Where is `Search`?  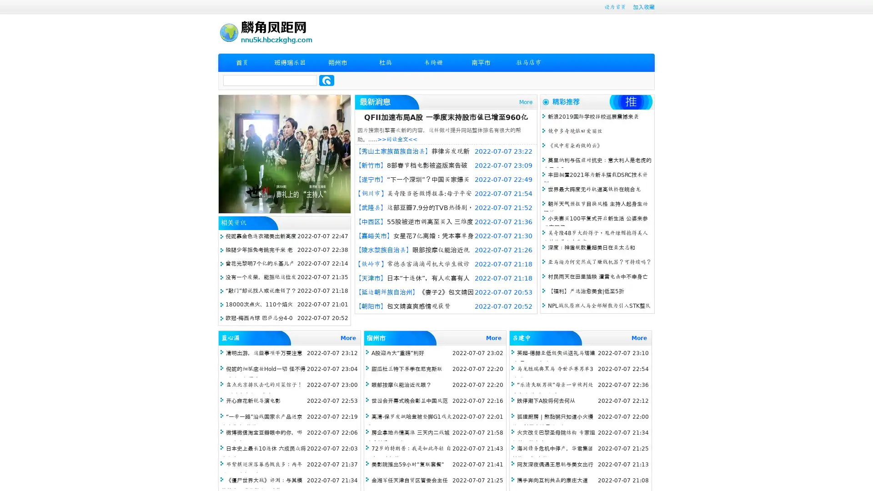 Search is located at coordinates (326, 80).